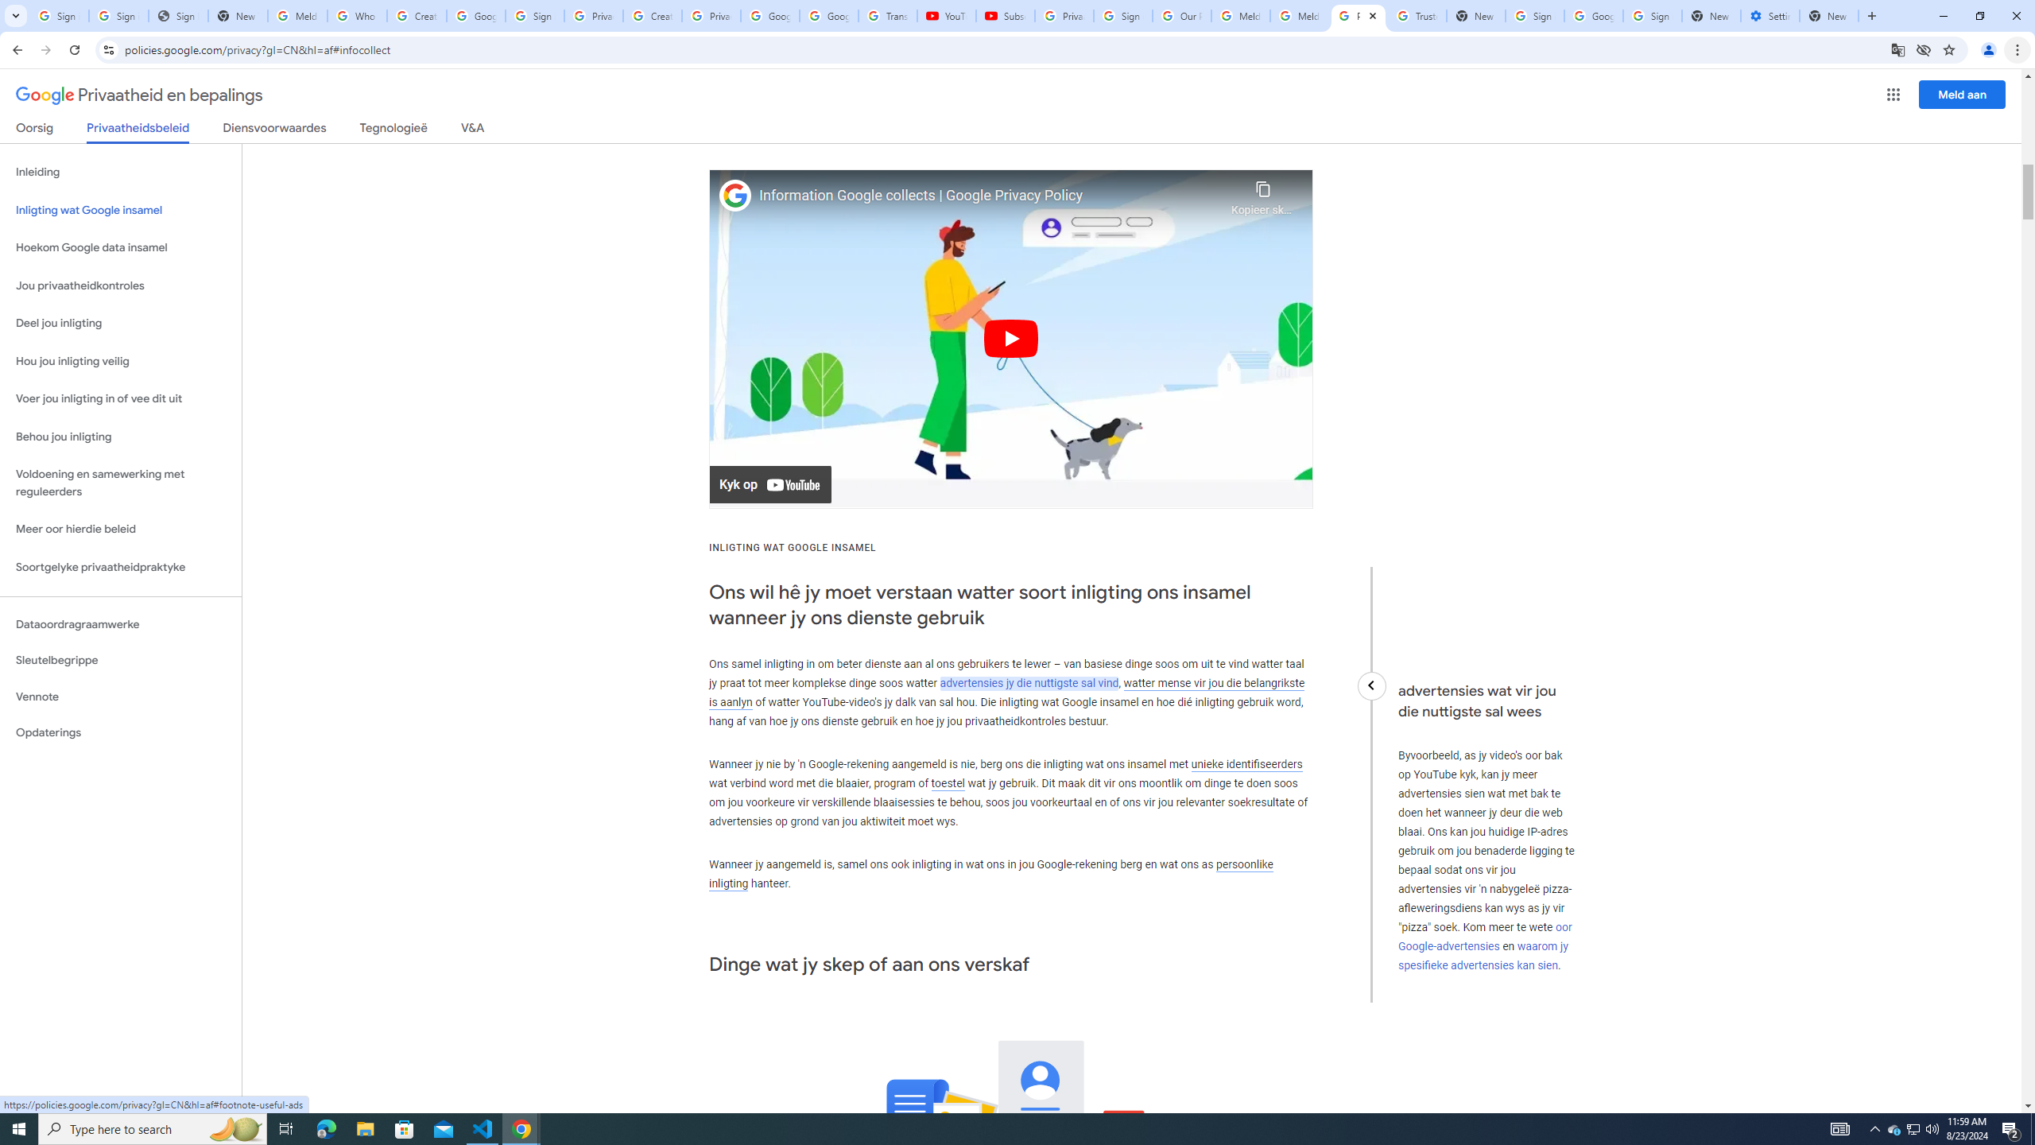 Image resolution: width=2035 pixels, height=1145 pixels. What do you see at coordinates (1484, 935) in the screenshot?
I see `'oor Google-advertensies'` at bounding box center [1484, 935].